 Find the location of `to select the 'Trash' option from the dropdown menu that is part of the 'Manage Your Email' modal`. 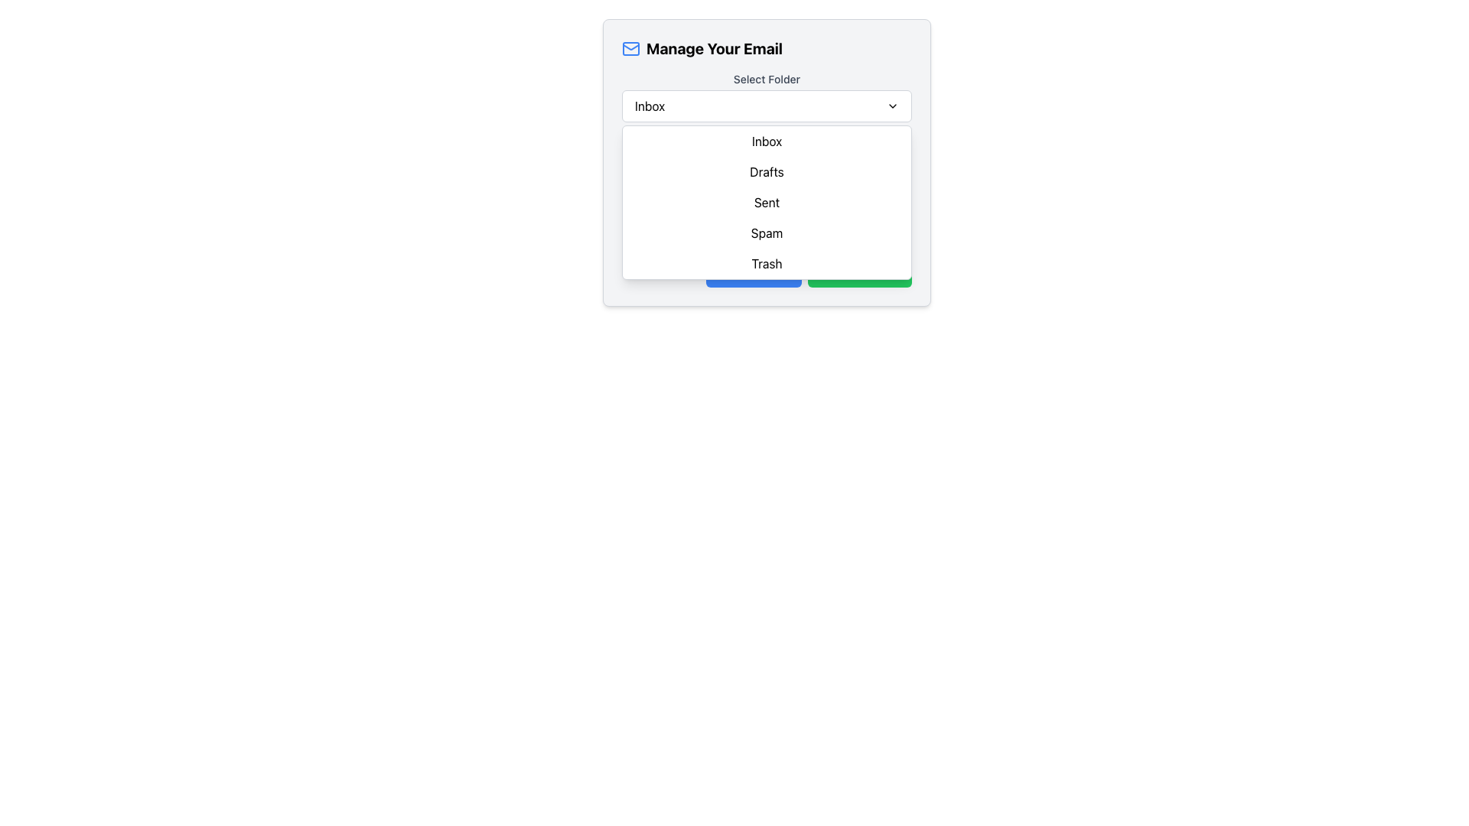

to select the 'Trash' option from the dropdown menu that is part of the 'Manage Your Email' modal is located at coordinates (767, 262).